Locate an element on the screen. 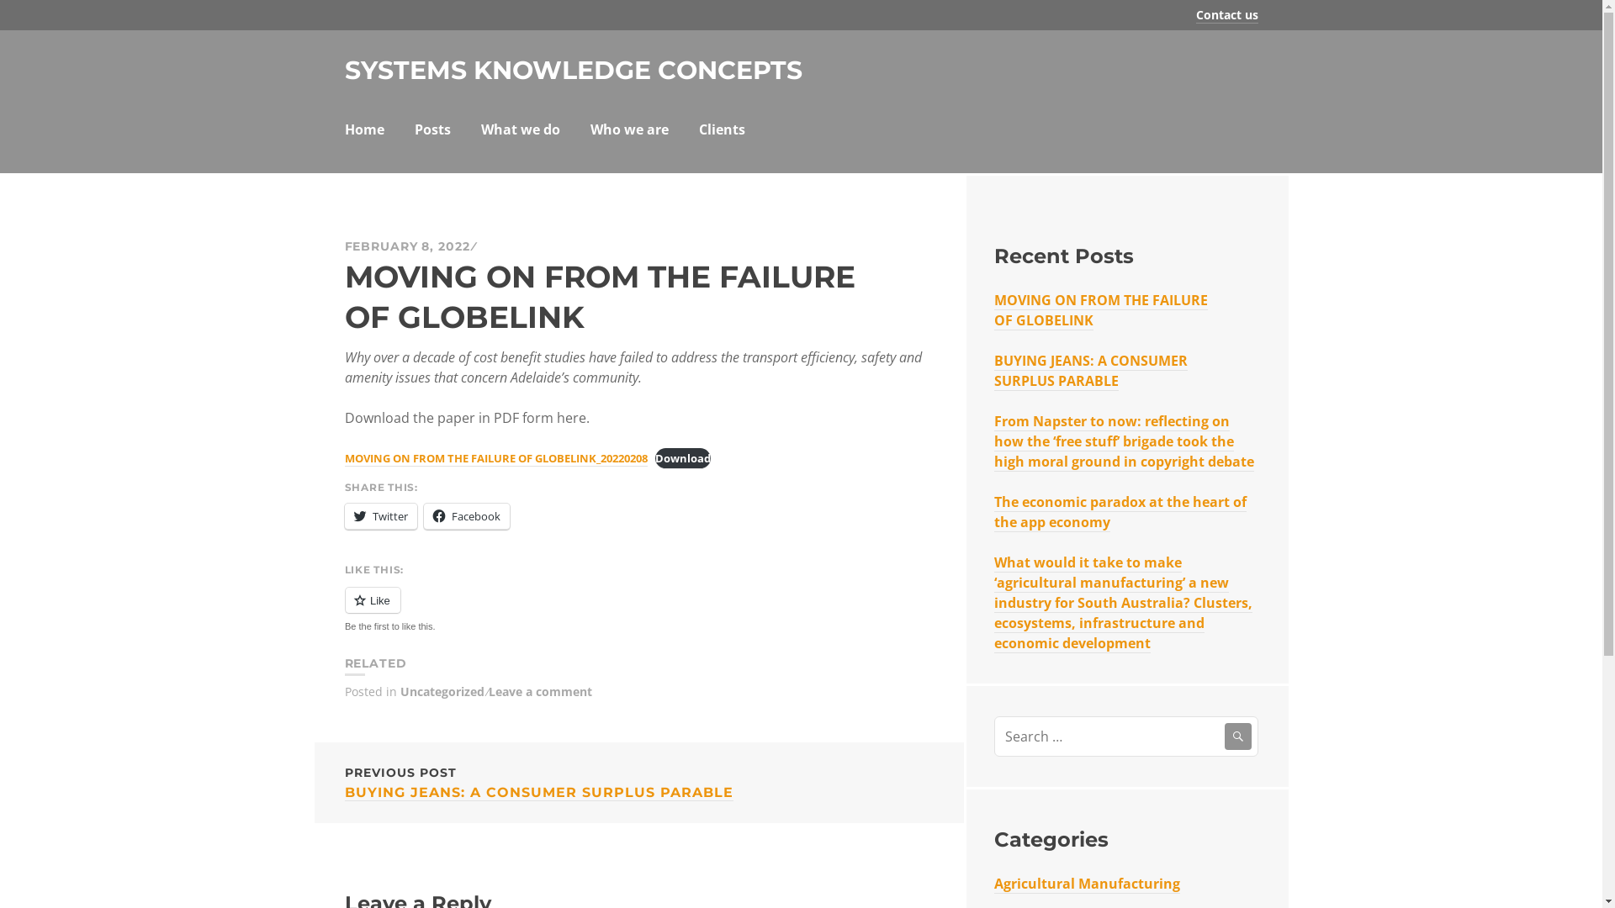  'Clients' is located at coordinates (698, 130).